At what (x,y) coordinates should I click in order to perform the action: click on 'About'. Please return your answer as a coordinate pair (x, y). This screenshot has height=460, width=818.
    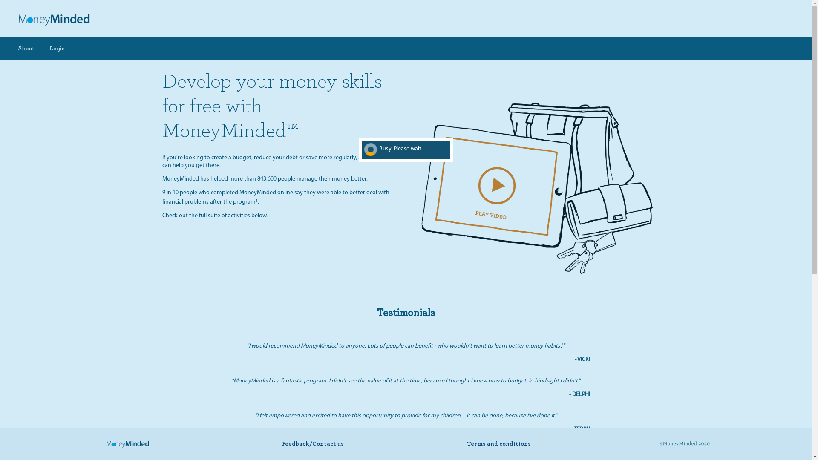
    Looking at the image, I should click on (26, 49).